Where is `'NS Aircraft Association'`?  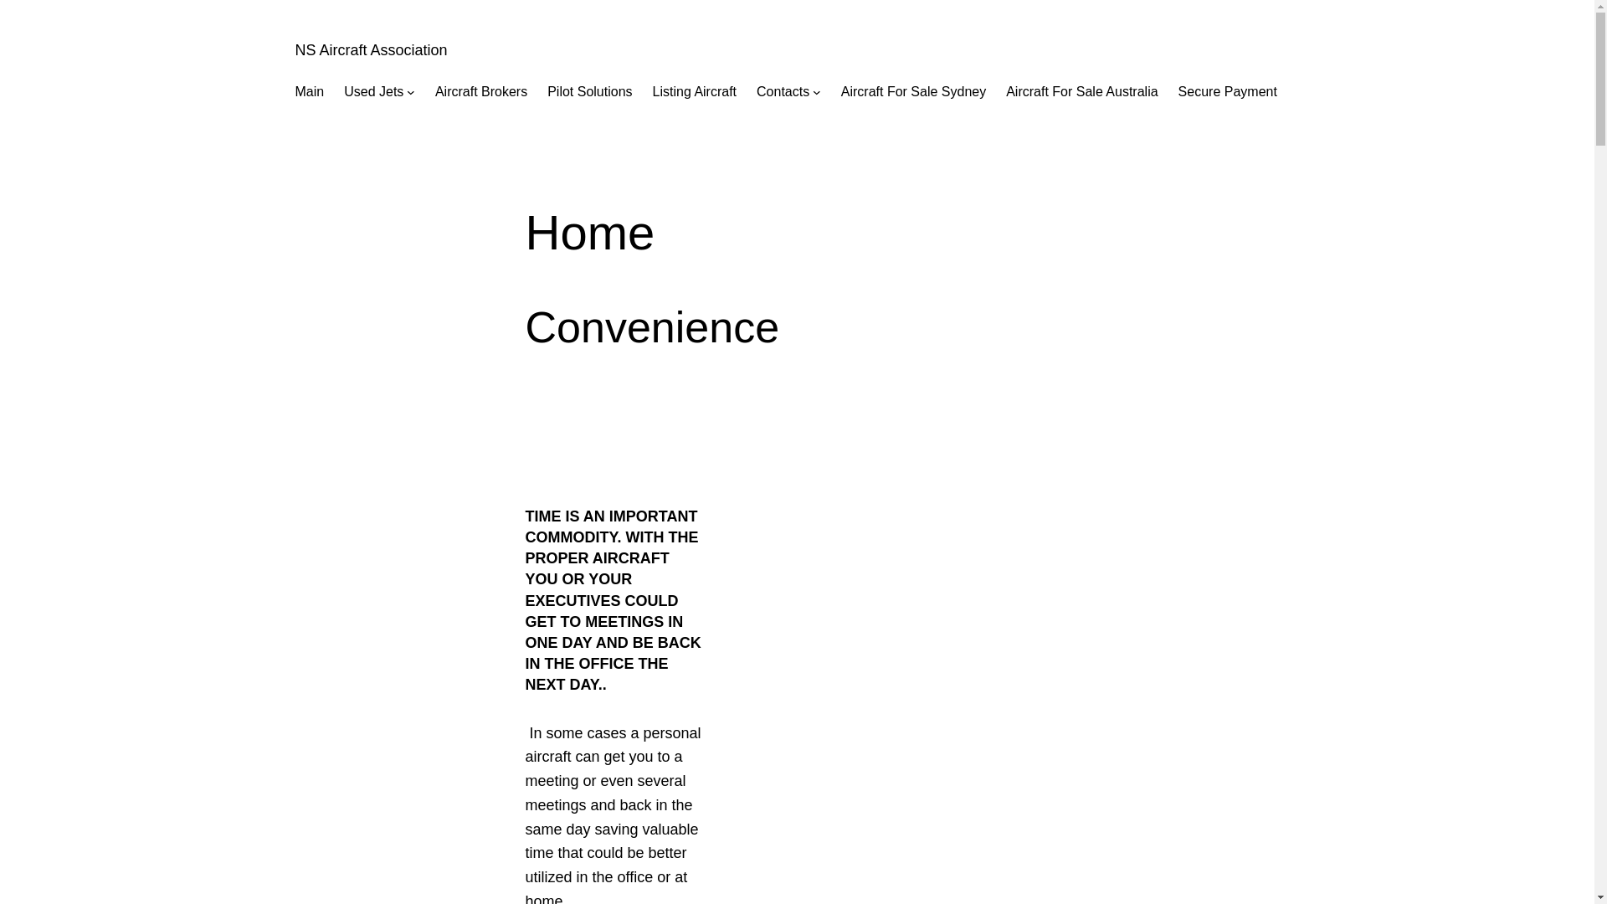
'NS Aircraft Association' is located at coordinates (369, 49).